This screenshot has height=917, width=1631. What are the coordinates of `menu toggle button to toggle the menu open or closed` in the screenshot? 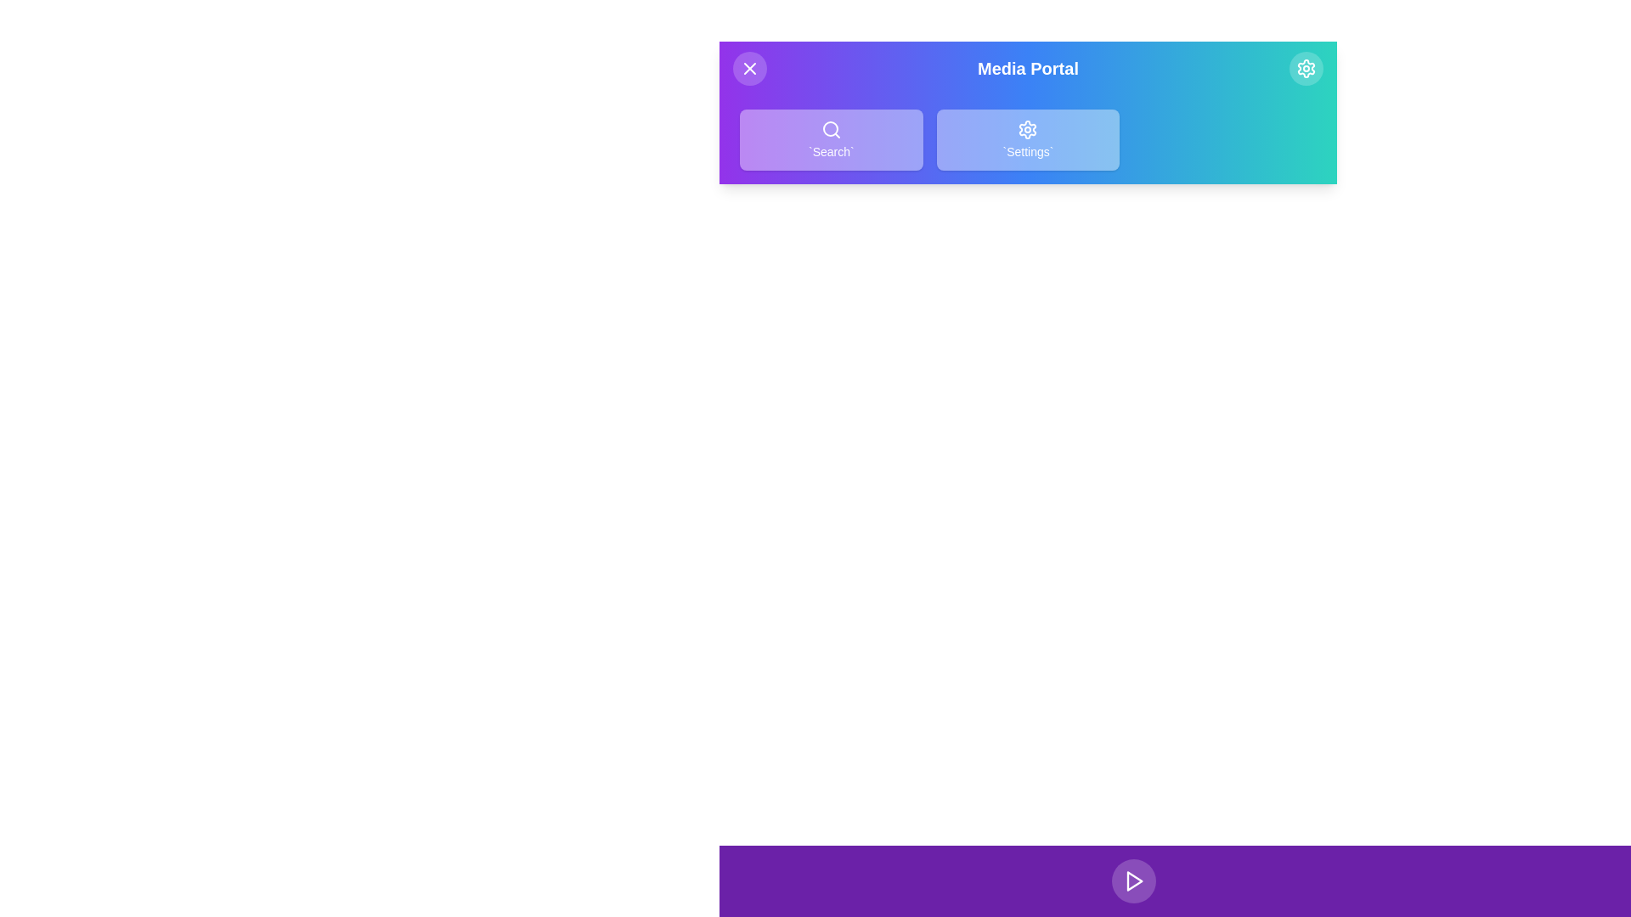 It's located at (749, 68).